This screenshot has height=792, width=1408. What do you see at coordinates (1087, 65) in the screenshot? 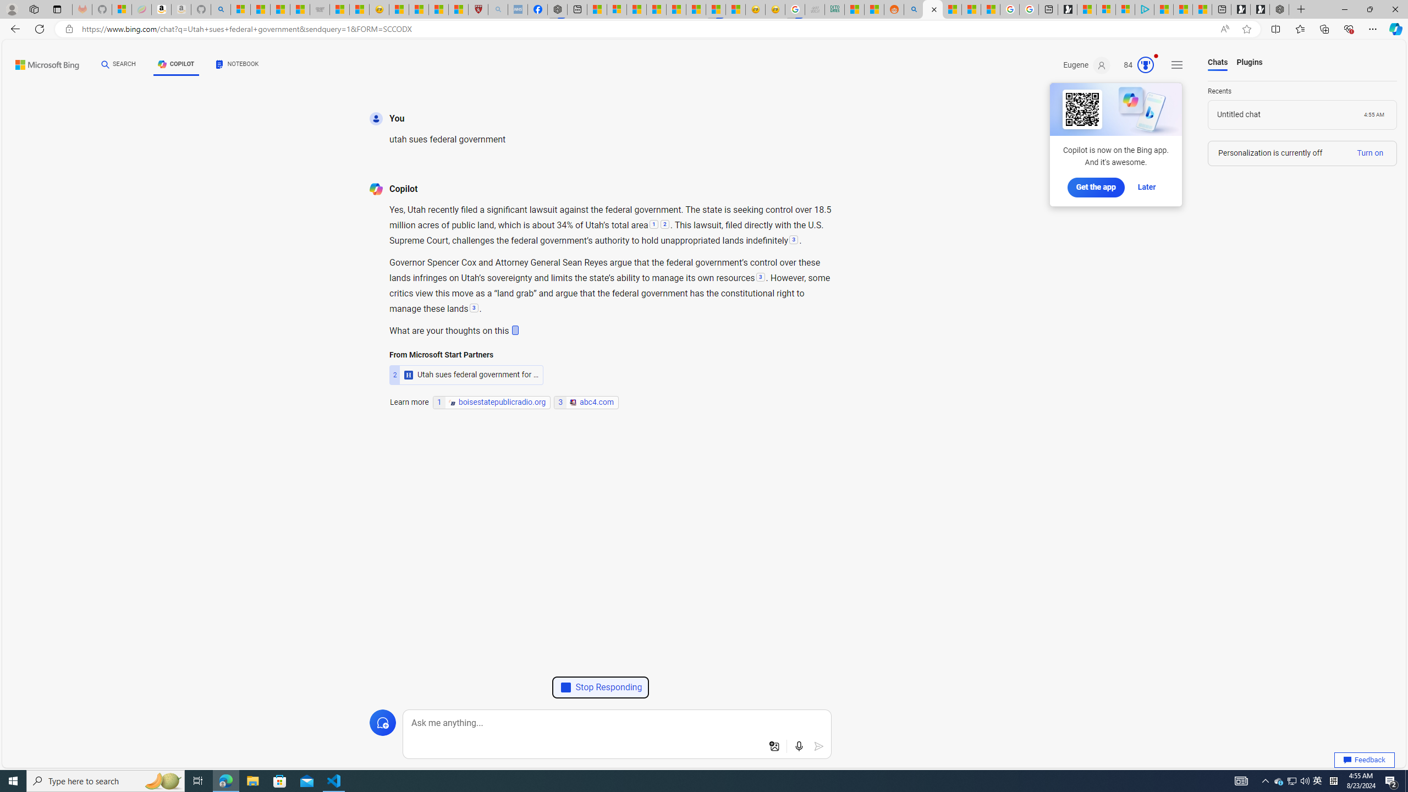
I see `'Eugene'` at bounding box center [1087, 65].